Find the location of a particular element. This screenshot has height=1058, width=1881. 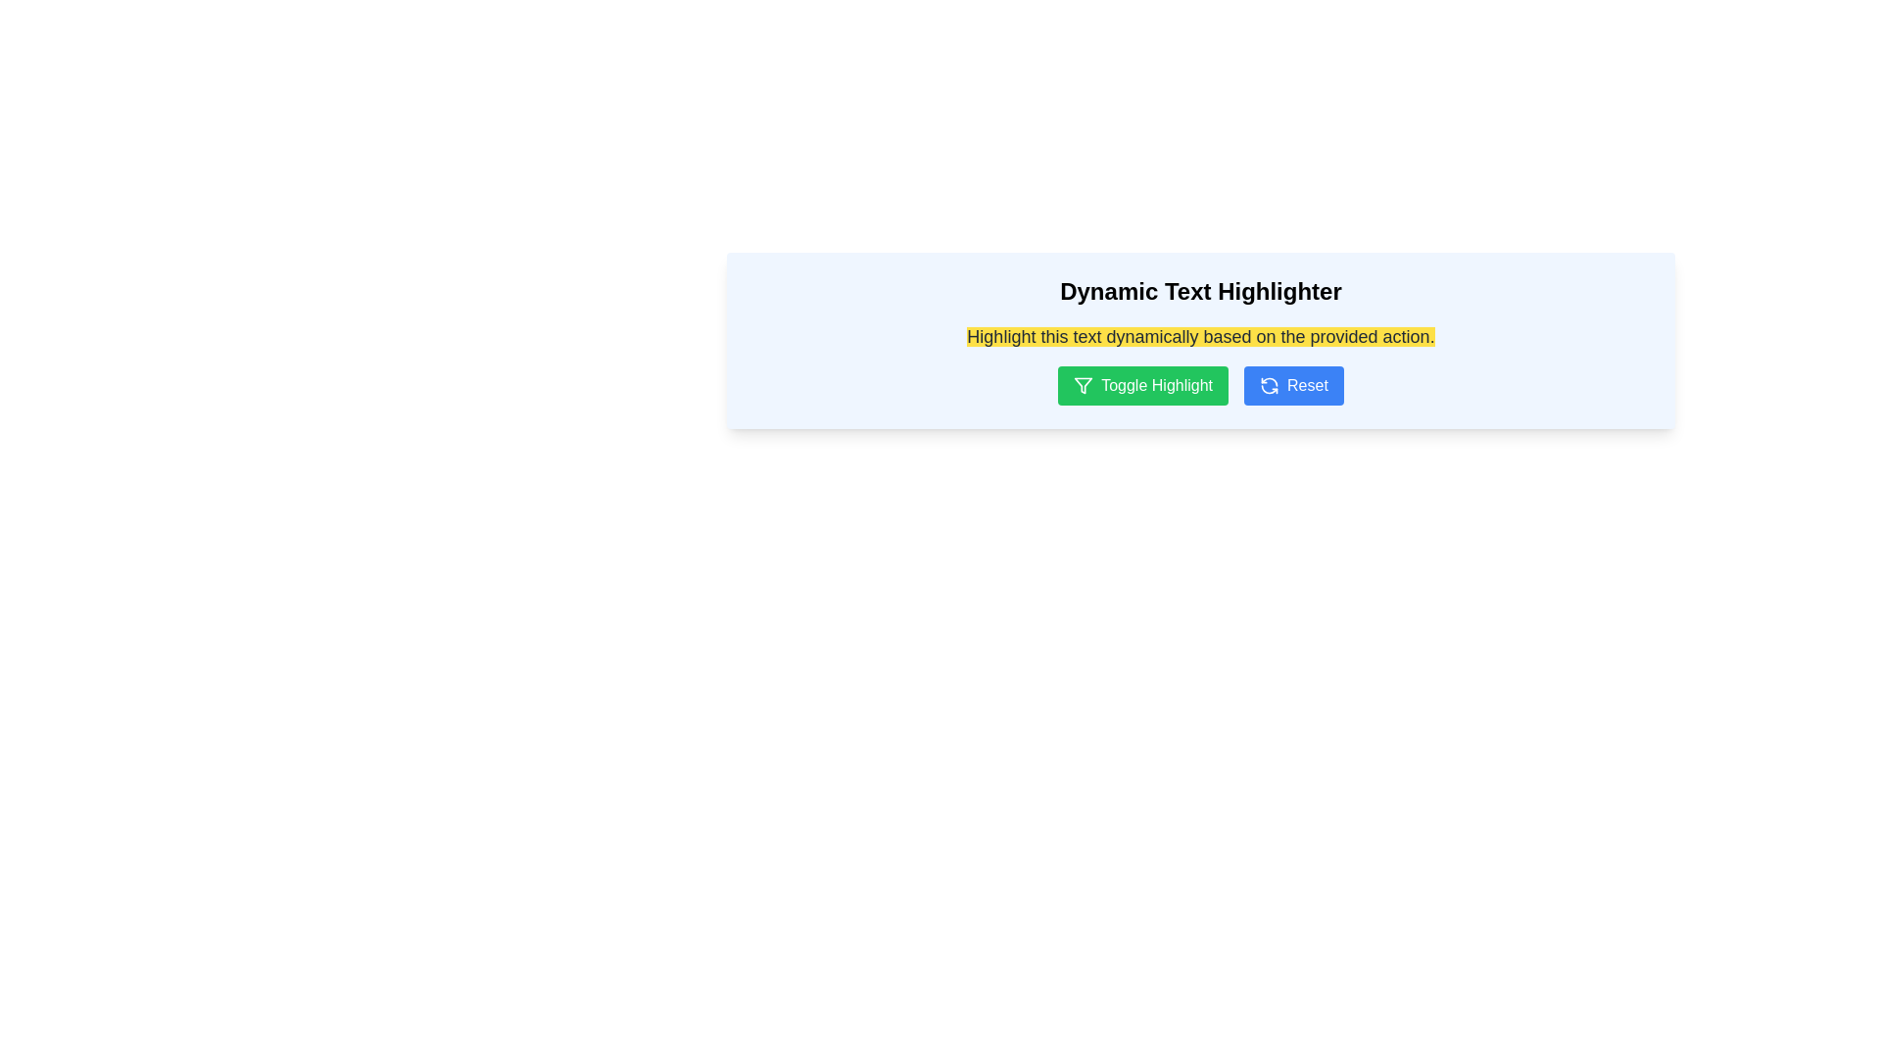

the refresh icon located inside the blue 'Reset' button at the bottom right of the interface is located at coordinates (1270, 385).